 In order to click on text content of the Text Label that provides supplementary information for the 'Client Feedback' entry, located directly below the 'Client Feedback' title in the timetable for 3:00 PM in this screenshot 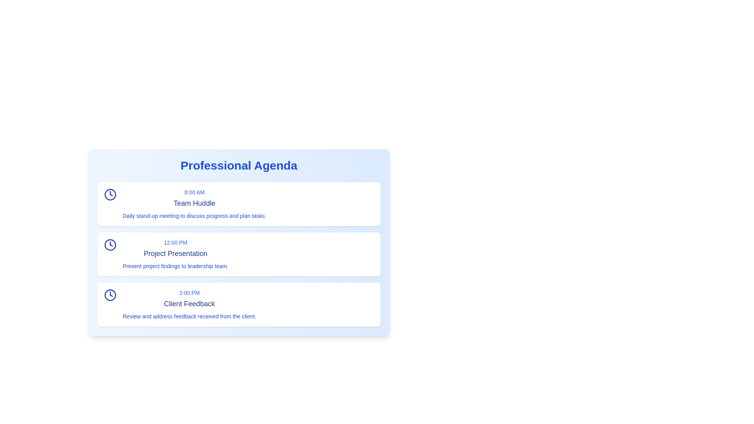, I will do `click(189, 316)`.